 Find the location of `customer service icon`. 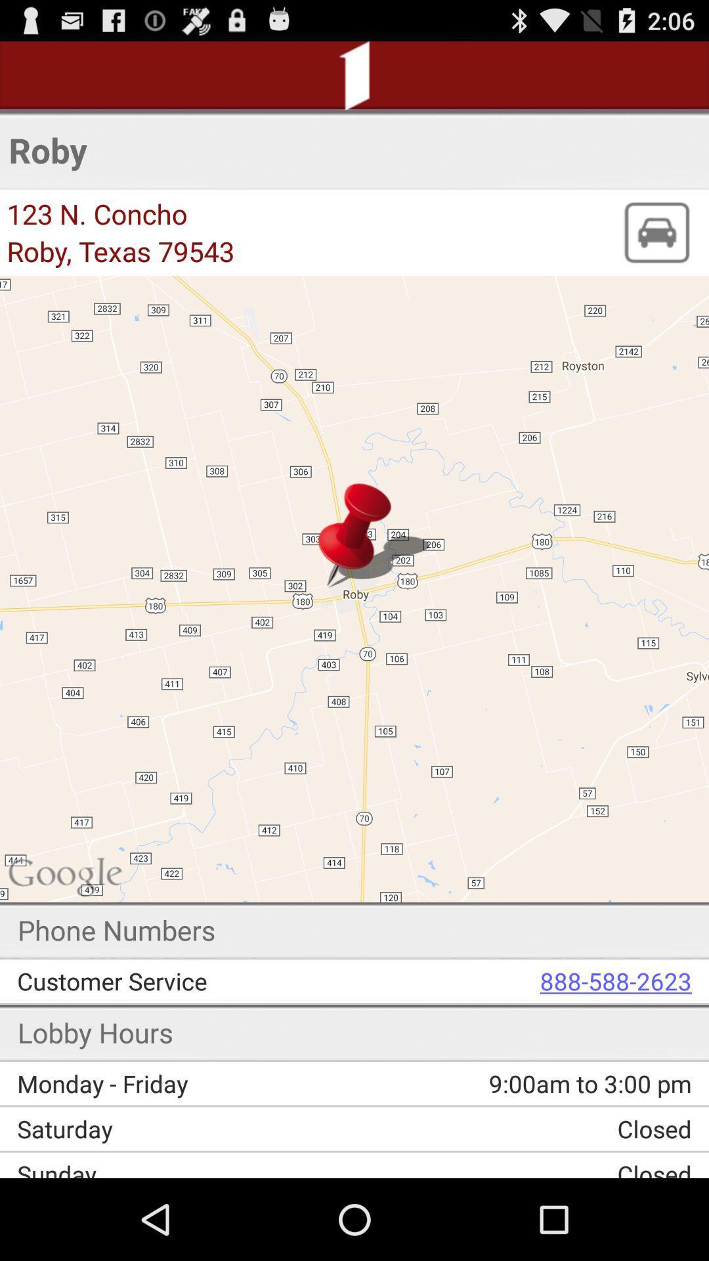

customer service icon is located at coordinates (195, 981).